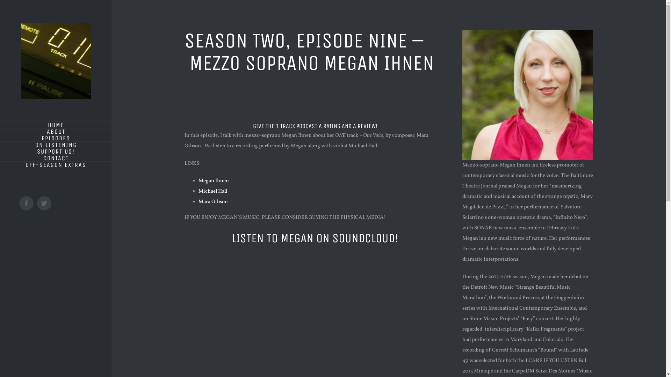  What do you see at coordinates (212, 202) in the screenshot?
I see `'Mara Gibson'` at bounding box center [212, 202].